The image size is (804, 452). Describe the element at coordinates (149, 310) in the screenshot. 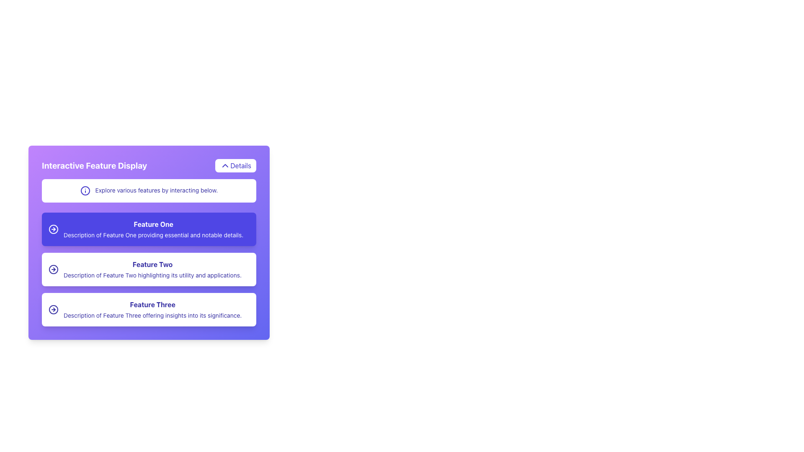

I see `the Information Panel titled 'Feature Three' which has a white background and indigo text, positioned below 'Feature Two' in the Interactive Feature Display` at that location.